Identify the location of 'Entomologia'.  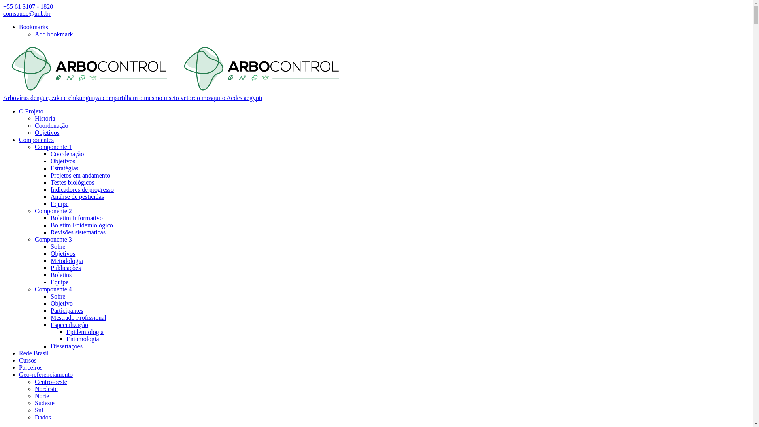
(83, 338).